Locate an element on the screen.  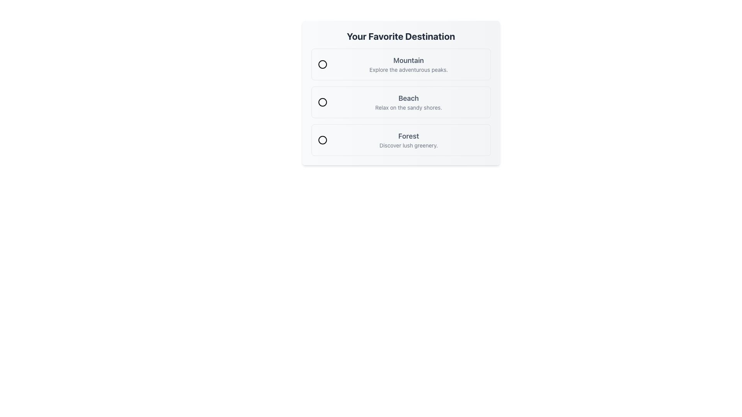
the radio button for the 'Forest' option, which is a circular icon with a thick border and a filled center, positioned at the start of the 'Forest' option in the preference selection card is located at coordinates (322, 140).